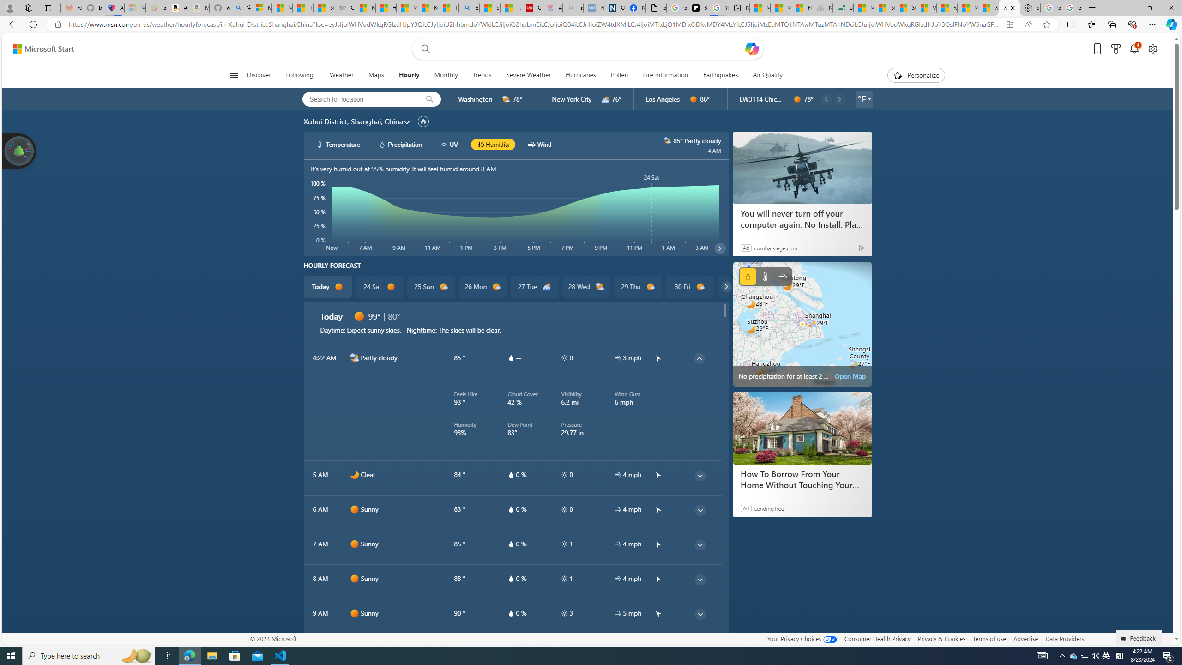 The image size is (1182, 665). What do you see at coordinates (802, 324) in the screenshot?
I see `'Class: miniMapRadarSVGView-DS-EntryPoint1-1'` at bounding box center [802, 324].